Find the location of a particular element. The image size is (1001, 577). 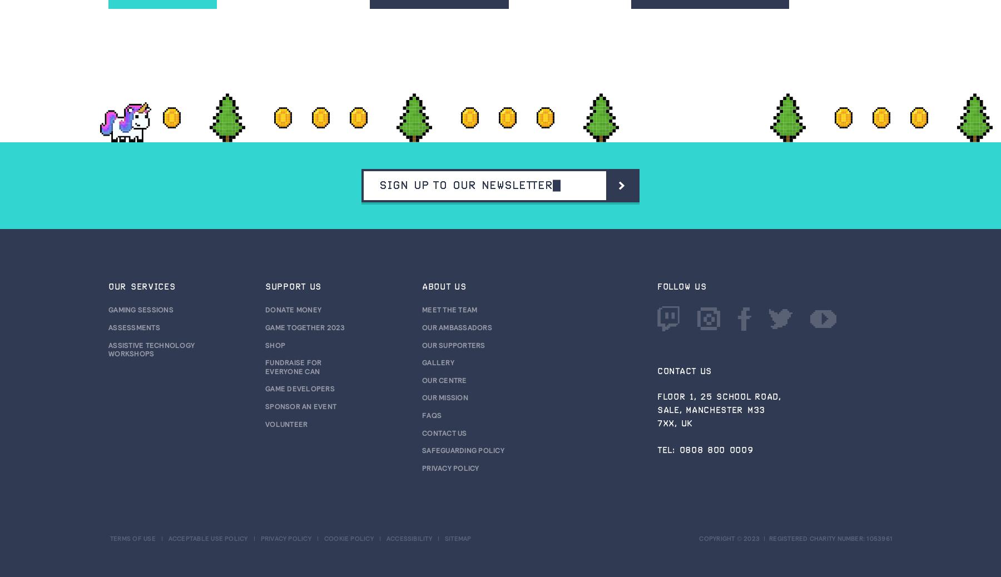

'Safeguarding Policy' is located at coordinates (463, 451).